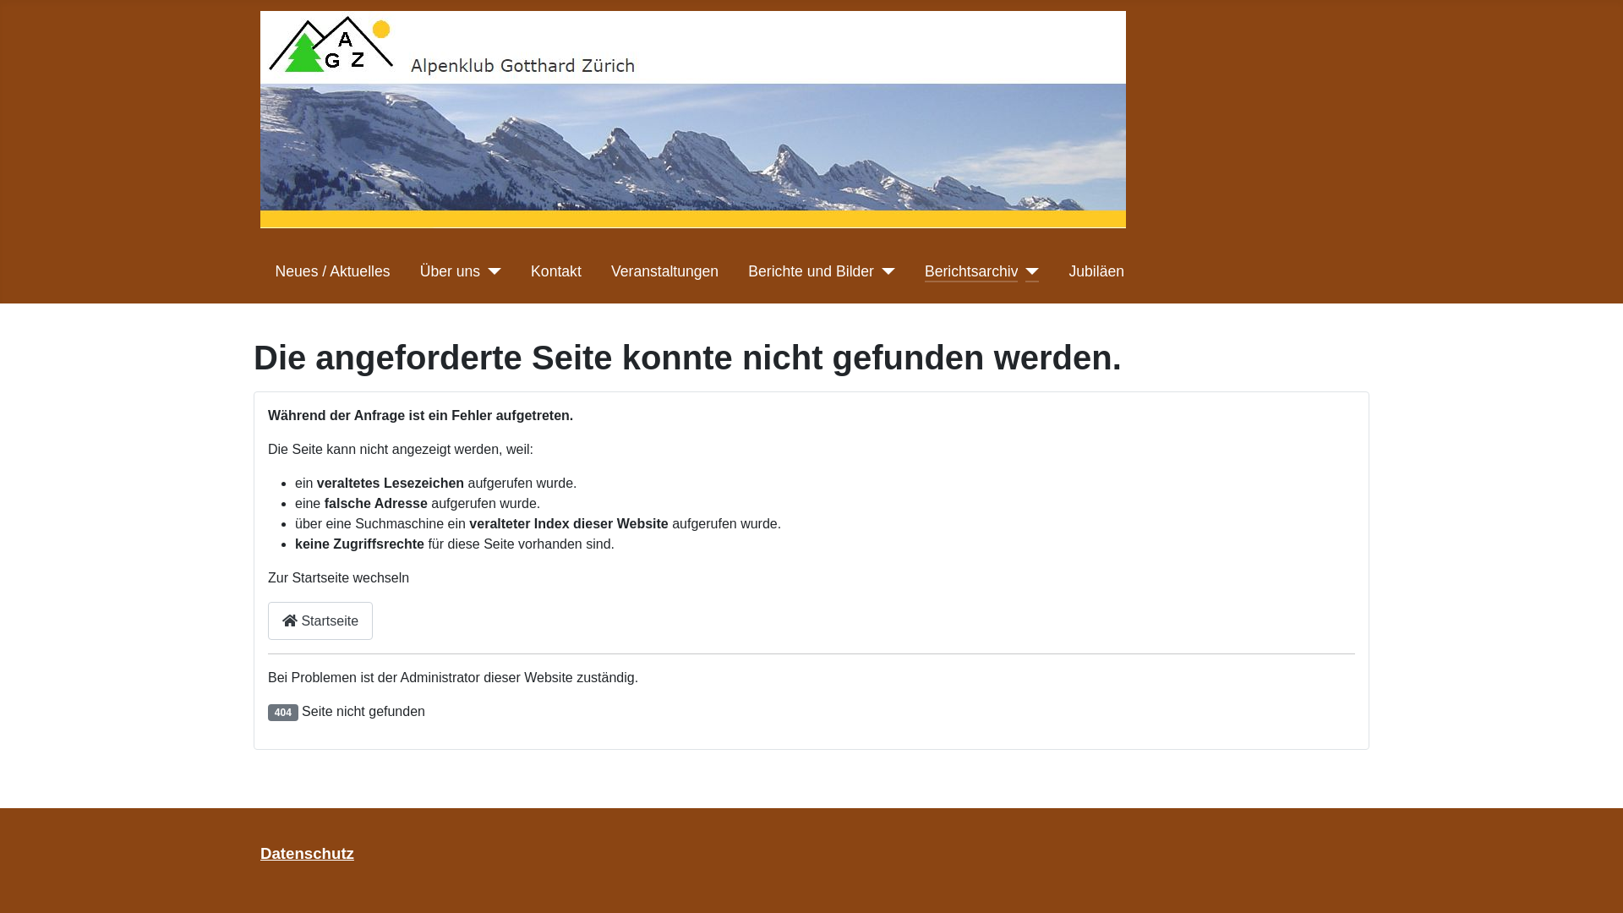  Describe the element at coordinates (555, 270) in the screenshot. I see `'Kontakt'` at that location.